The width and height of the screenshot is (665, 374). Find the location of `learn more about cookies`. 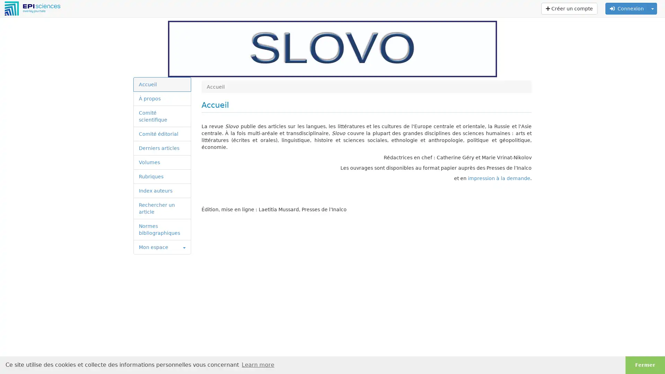

learn more about cookies is located at coordinates (257, 364).